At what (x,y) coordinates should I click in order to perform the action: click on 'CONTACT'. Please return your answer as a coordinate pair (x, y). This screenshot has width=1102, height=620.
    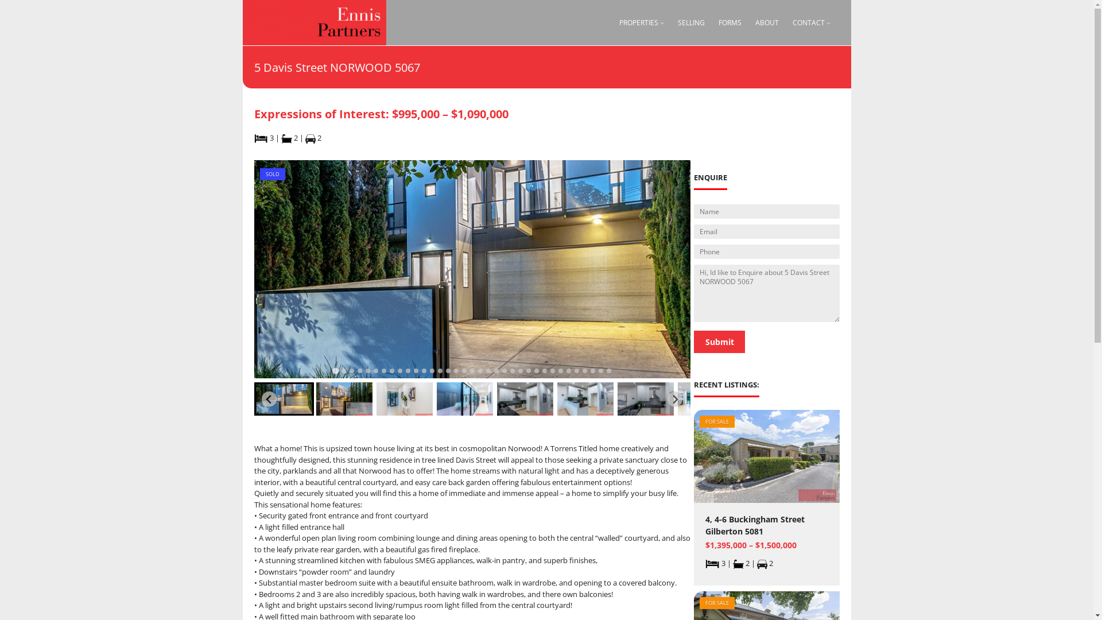
    Looking at the image, I should click on (808, 22).